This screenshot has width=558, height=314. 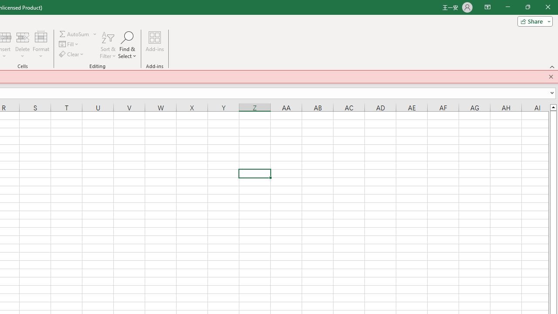 What do you see at coordinates (551, 76) in the screenshot?
I see `'Close this message'` at bounding box center [551, 76].